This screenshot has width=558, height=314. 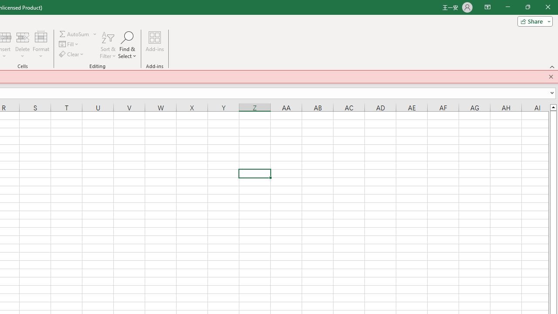 What do you see at coordinates (551, 76) in the screenshot?
I see `'Close this message'` at bounding box center [551, 76].